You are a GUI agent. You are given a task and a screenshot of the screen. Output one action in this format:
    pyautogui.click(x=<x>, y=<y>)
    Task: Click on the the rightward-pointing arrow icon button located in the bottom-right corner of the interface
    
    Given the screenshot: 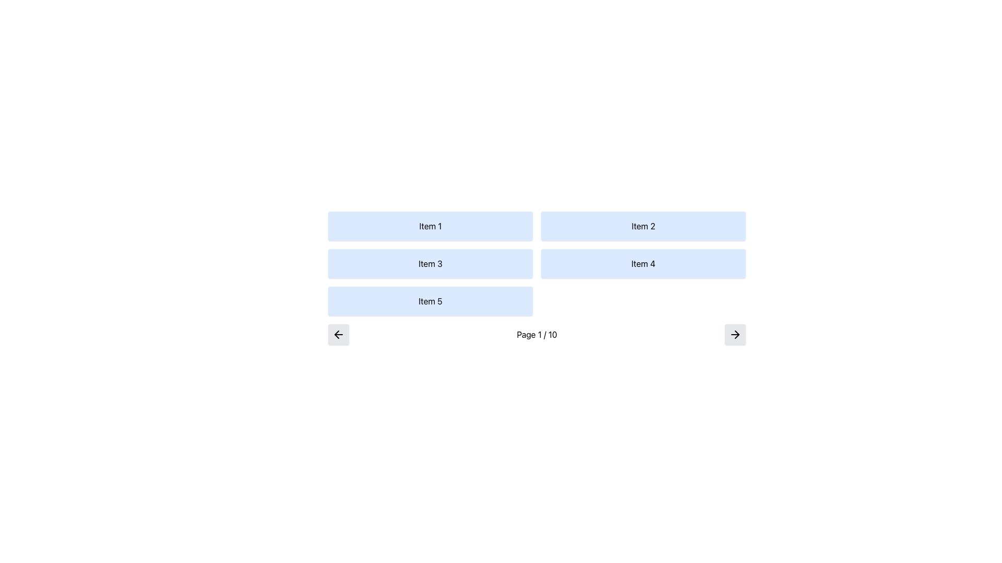 What is the action you would take?
    pyautogui.click(x=735, y=334)
    